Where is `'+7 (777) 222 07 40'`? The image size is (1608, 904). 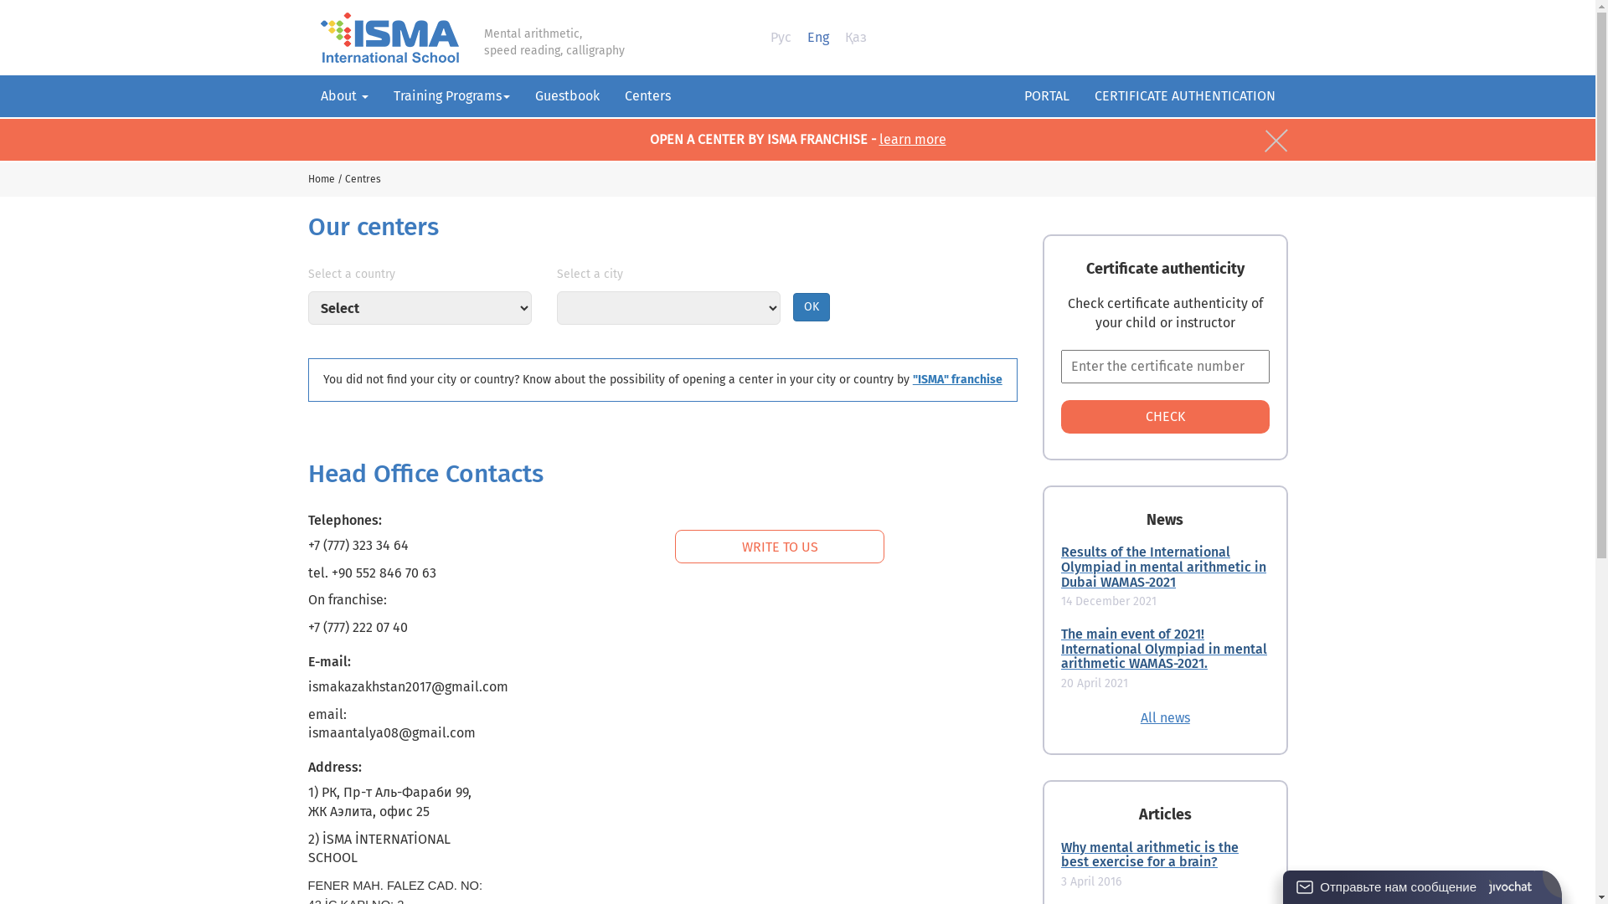
'+7 (777) 222 07 40' is located at coordinates (308, 627).